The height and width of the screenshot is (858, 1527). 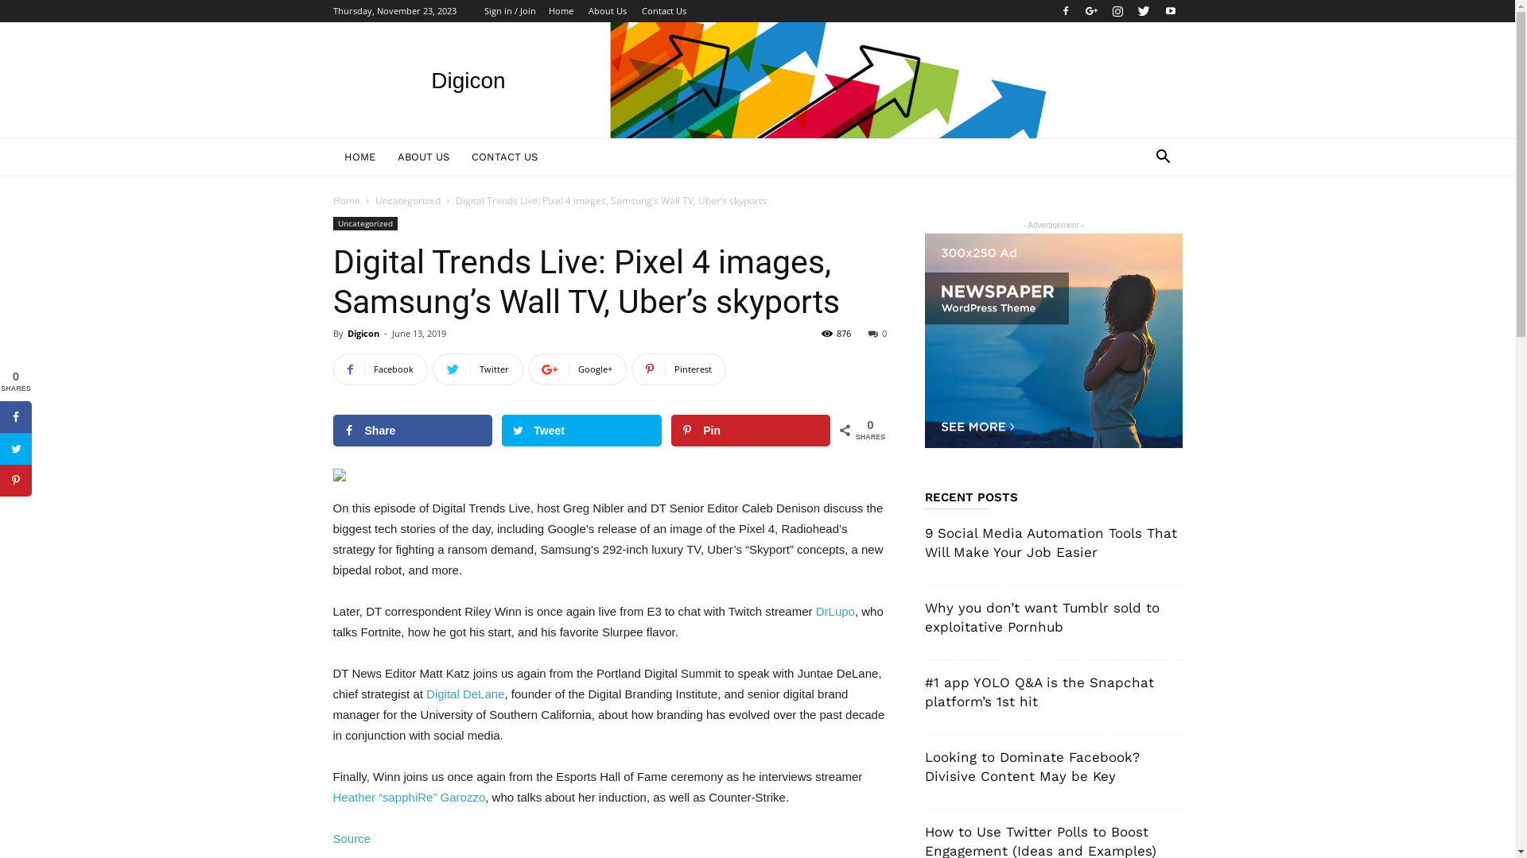 What do you see at coordinates (876, 332) in the screenshot?
I see `'0'` at bounding box center [876, 332].